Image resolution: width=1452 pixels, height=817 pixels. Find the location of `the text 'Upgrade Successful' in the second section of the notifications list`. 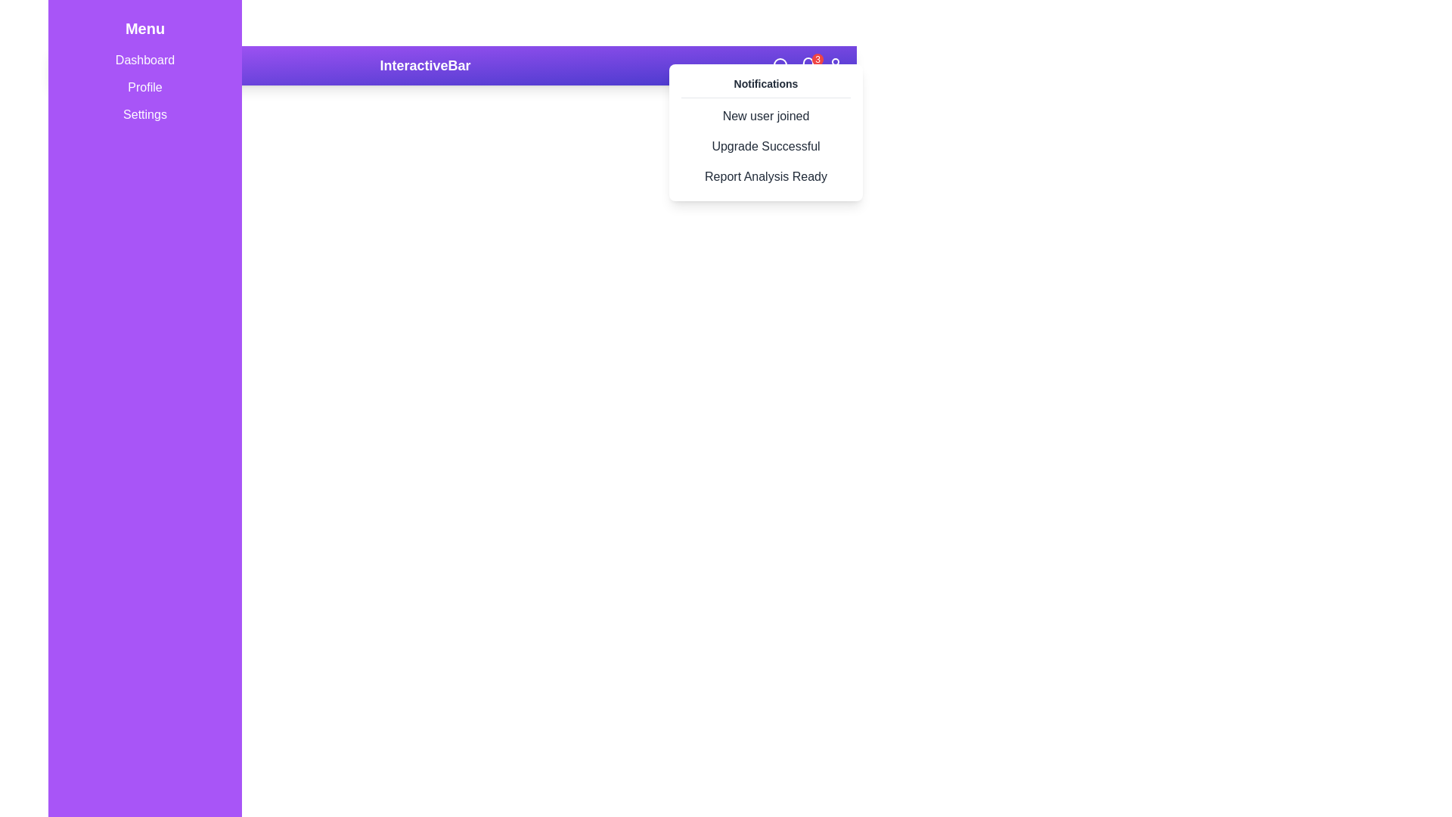

the text 'Upgrade Successful' in the second section of the notifications list is located at coordinates (765, 146).